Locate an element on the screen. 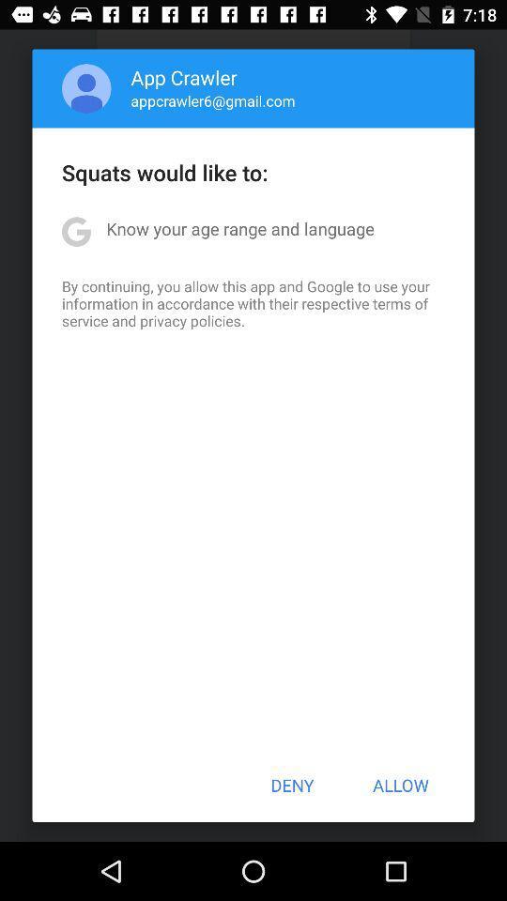  the app above appcrawler6@gmail.com icon is located at coordinates (184, 77).